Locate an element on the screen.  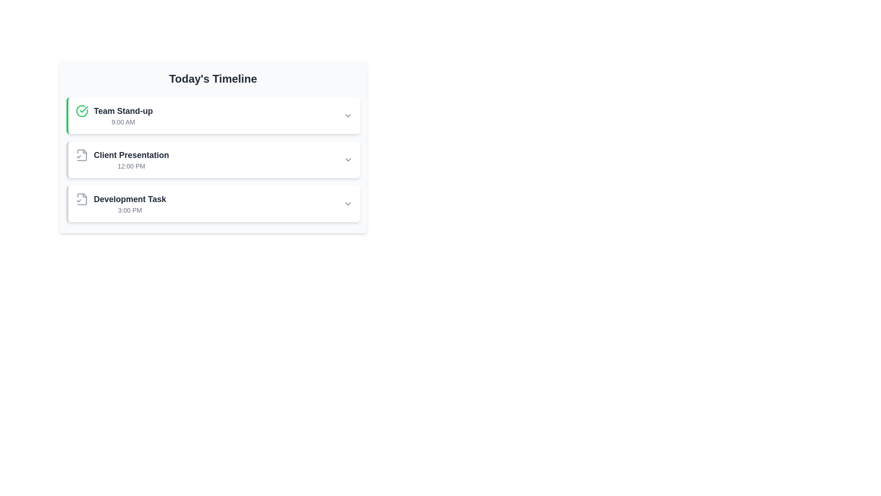
the header text element that reads 'Today's Timeline', which is bold, large, dark gray, and centrally aligned at the top of the scheduling panel is located at coordinates (212, 79).